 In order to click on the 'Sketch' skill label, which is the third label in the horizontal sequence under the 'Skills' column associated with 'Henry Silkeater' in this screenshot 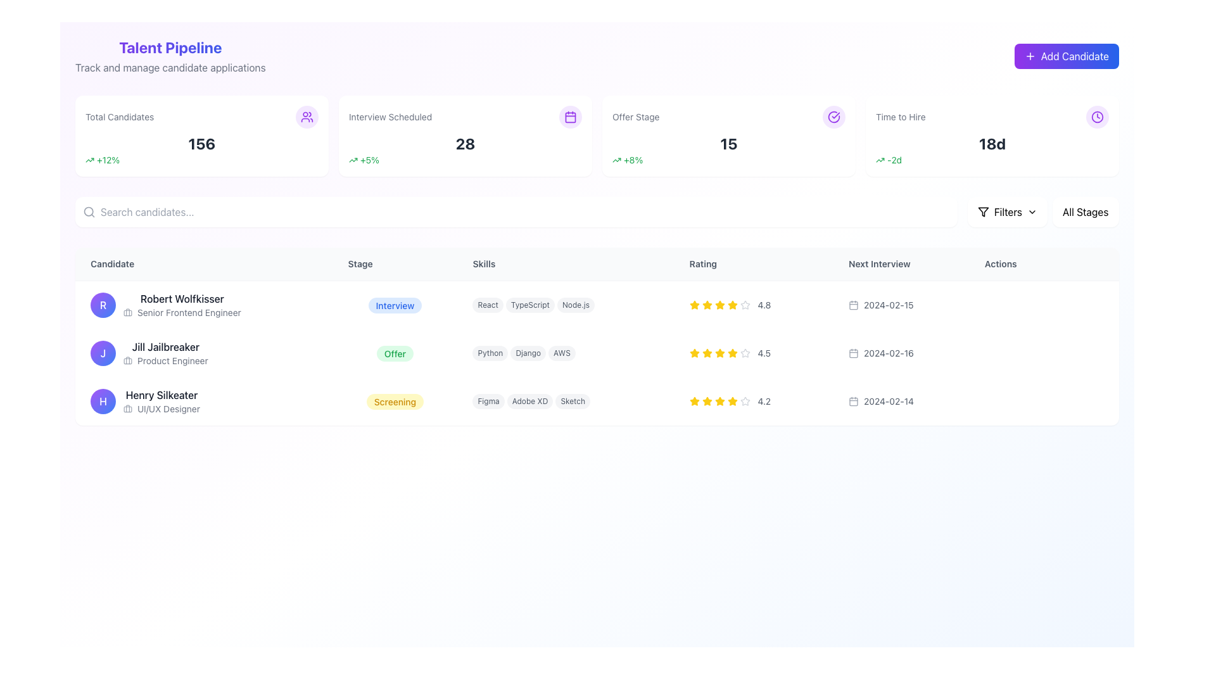, I will do `click(572, 401)`.